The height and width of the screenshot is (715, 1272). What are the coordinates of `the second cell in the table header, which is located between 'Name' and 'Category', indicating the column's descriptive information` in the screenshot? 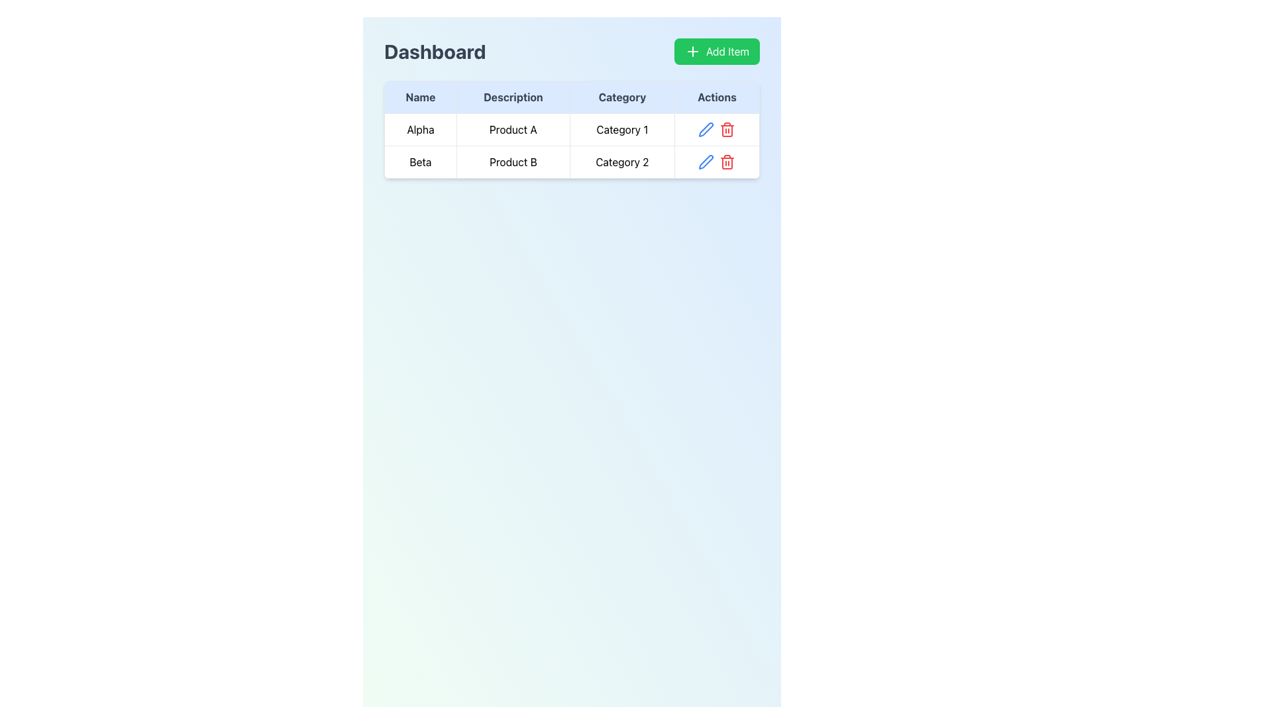 It's located at (512, 96).